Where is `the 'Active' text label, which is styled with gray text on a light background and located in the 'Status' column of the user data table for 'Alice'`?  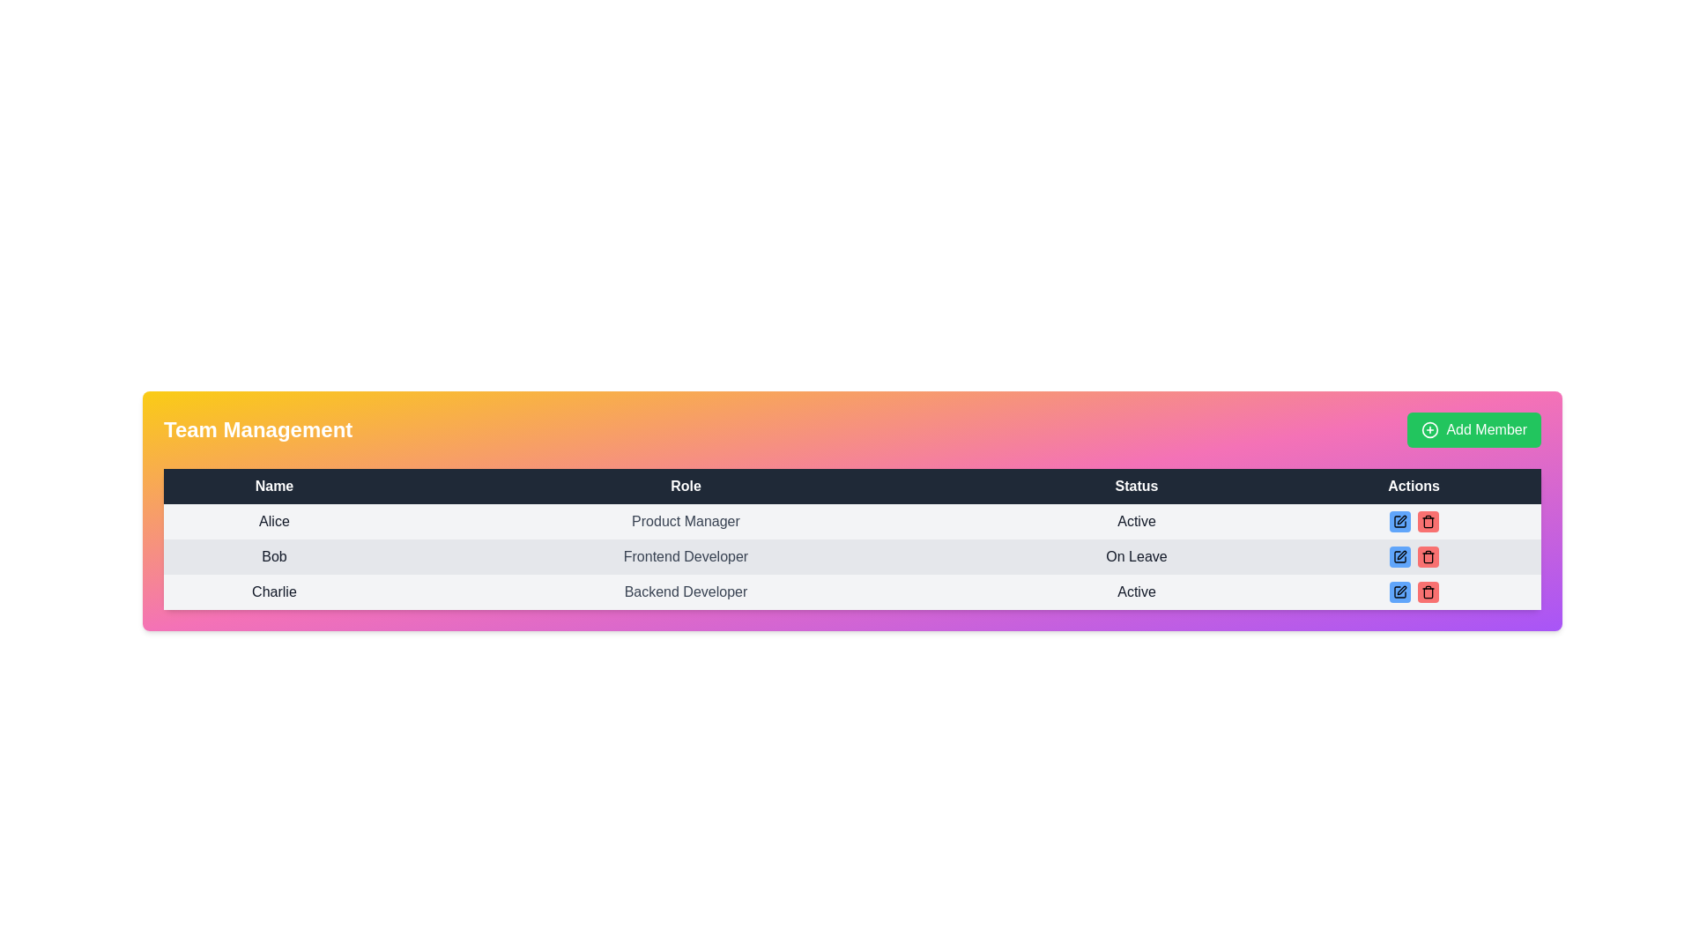
the 'Active' text label, which is styled with gray text on a light background and located in the 'Status' column of the user data table for 'Alice' is located at coordinates (1137, 520).